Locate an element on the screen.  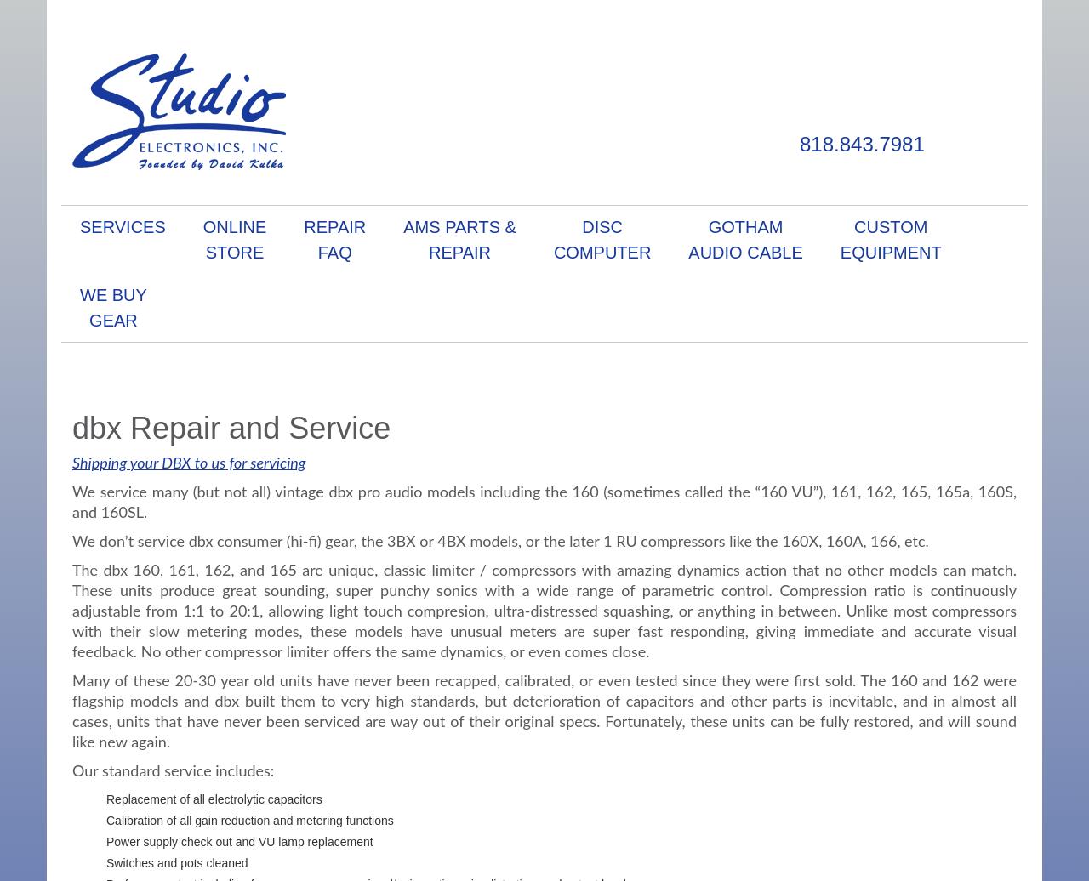
'818.843.7981' is located at coordinates (861, 144).